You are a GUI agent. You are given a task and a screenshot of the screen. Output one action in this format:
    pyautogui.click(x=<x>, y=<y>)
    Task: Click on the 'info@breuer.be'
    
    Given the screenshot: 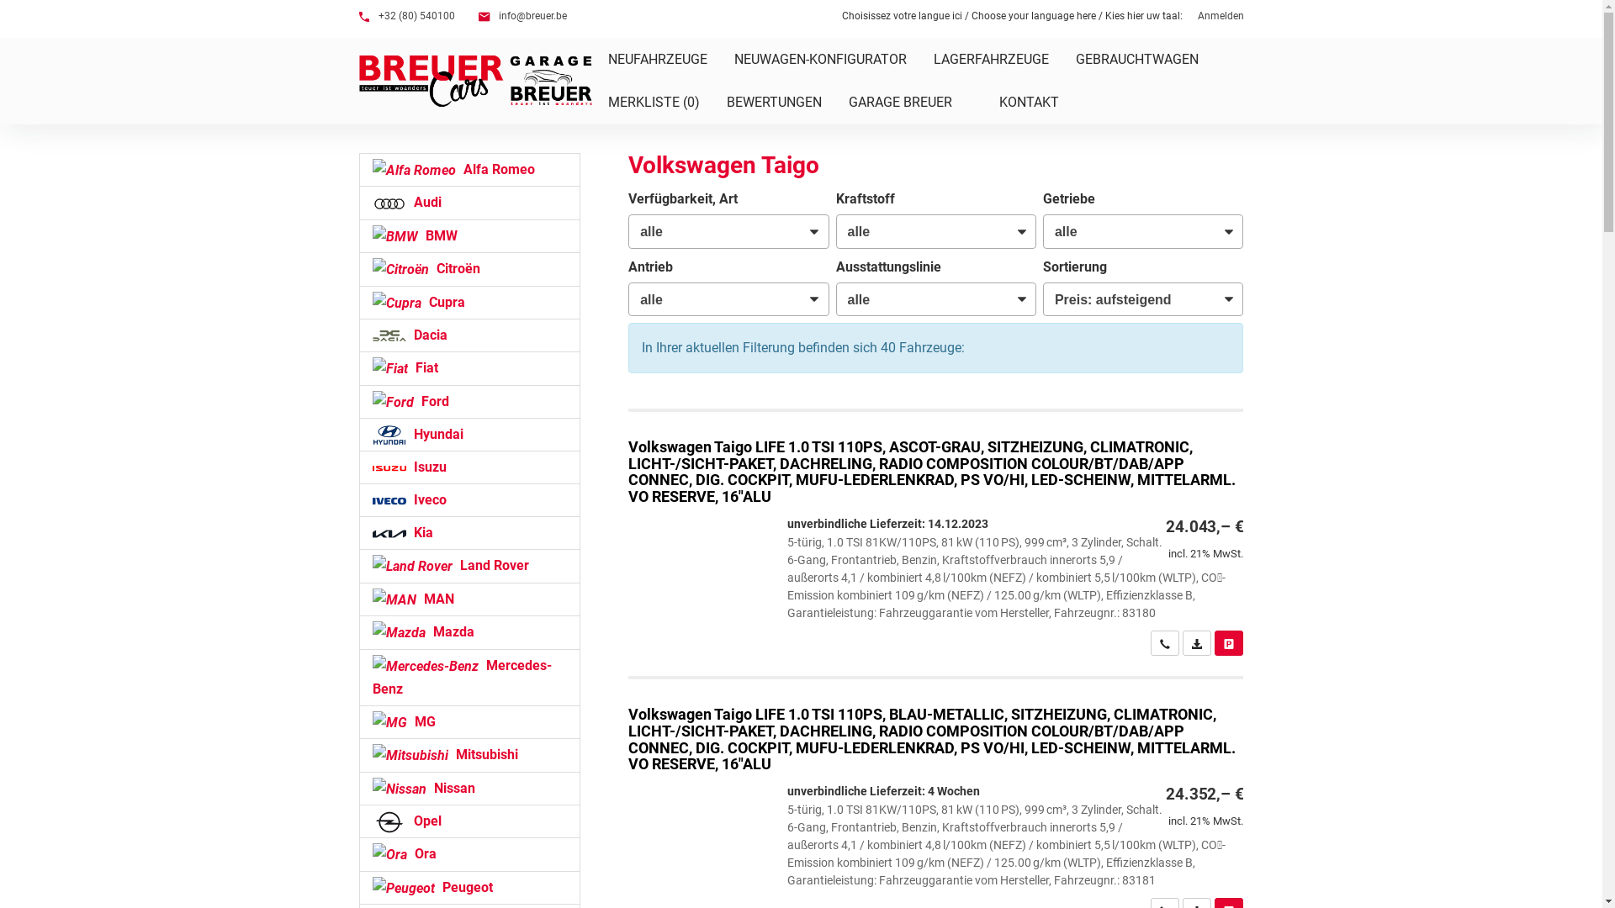 What is the action you would take?
    pyautogui.click(x=521, y=16)
    